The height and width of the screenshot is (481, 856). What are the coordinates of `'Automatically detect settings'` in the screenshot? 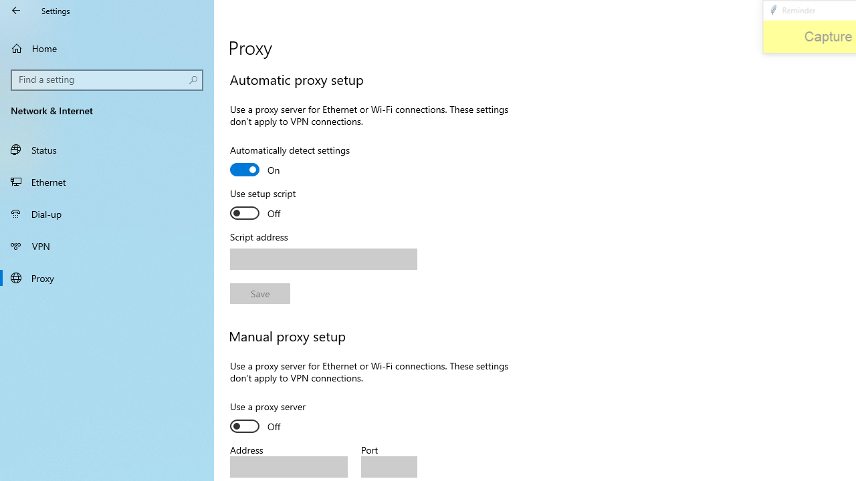 It's located at (289, 161).